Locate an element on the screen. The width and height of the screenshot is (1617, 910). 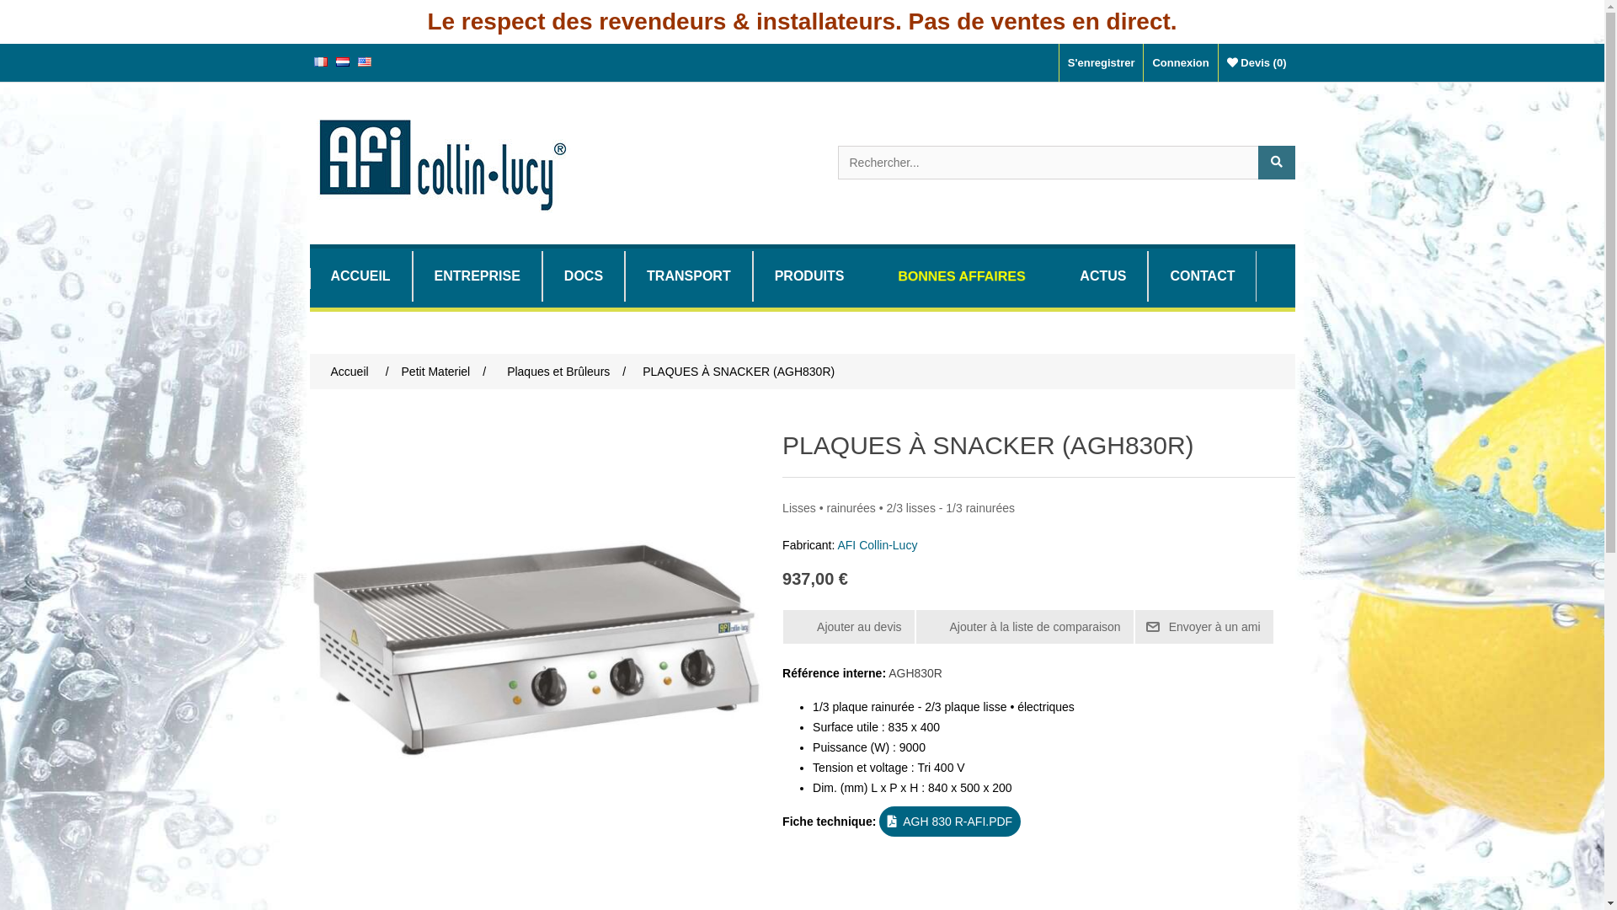
'TRANSPORT' is located at coordinates (688, 275).